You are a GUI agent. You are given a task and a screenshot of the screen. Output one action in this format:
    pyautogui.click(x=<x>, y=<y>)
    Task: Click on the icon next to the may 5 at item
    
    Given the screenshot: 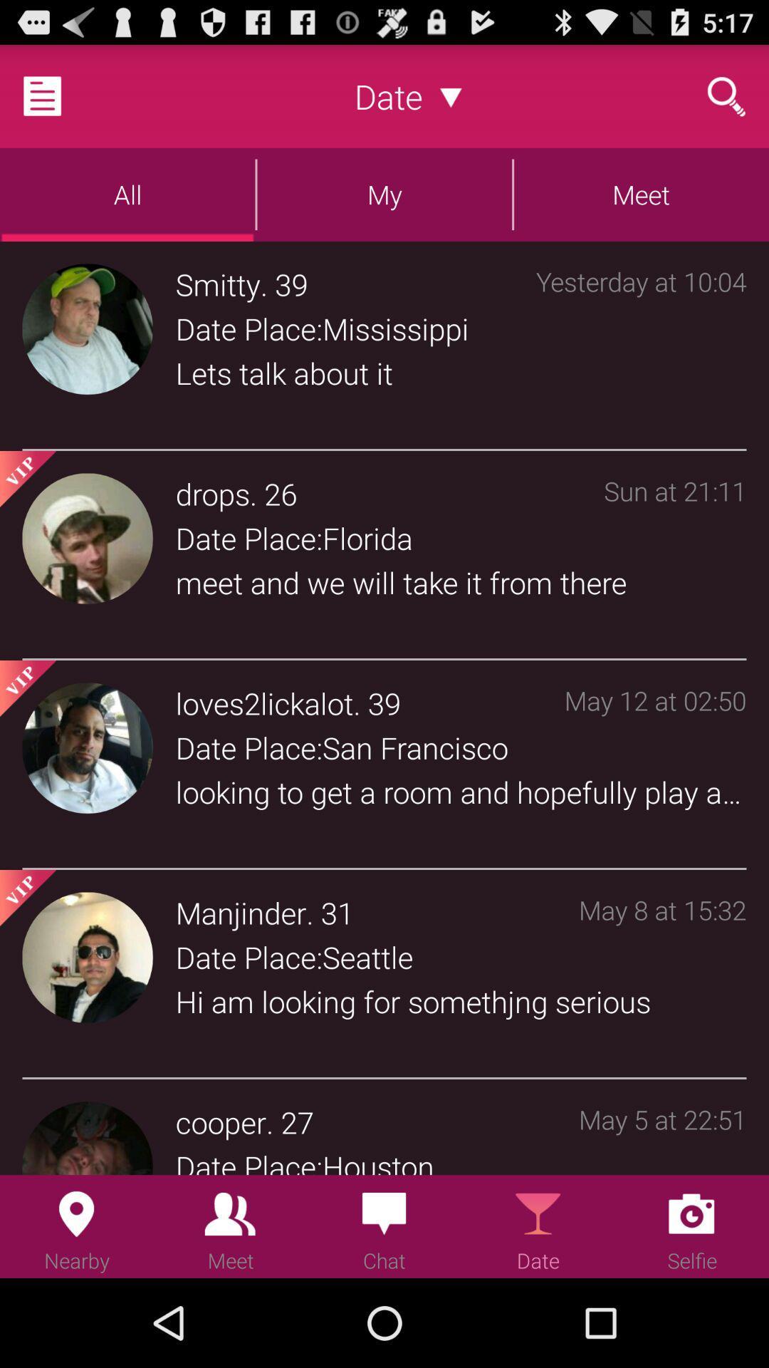 What is the action you would take?
    pyautogui.click(x=296, y=1121)
    